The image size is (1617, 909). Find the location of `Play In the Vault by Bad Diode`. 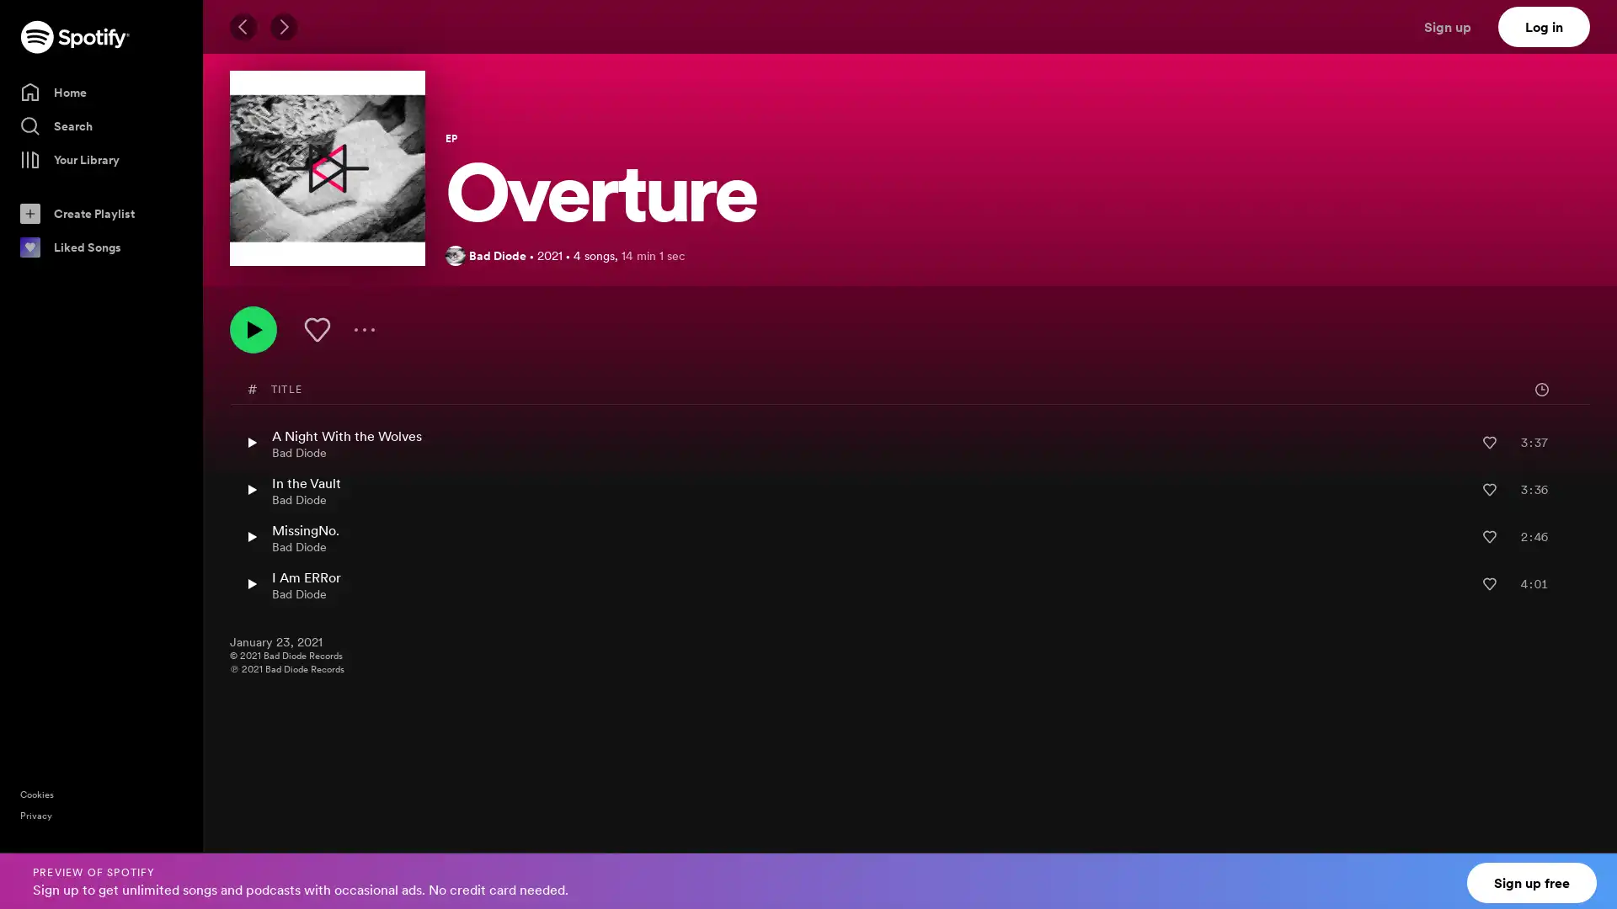

Play In the Vault by Bad Diode is located at coordinates (250, 490).